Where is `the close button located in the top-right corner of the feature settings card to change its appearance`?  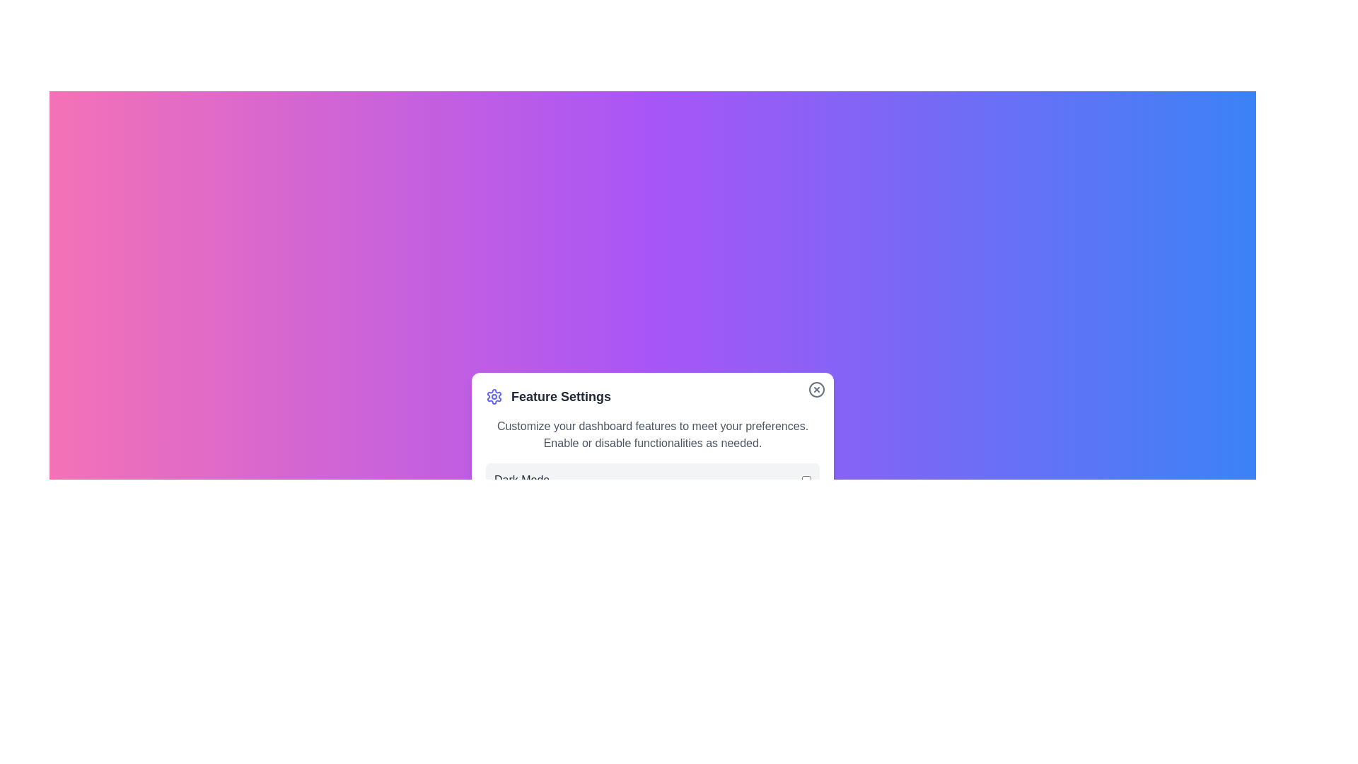 the close button located in the top-right corner of the feature settings card to change its appearance is located at coordinates (817, 390).